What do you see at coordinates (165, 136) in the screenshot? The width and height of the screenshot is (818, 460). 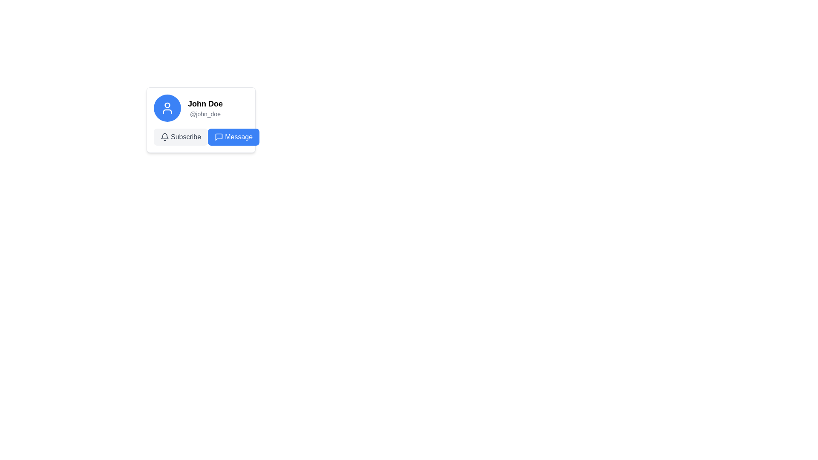 I see `the bell icon located to the left of the 'Subscribe' text in the button labeled 'Subscribe'` at bounding box center [165, 136].